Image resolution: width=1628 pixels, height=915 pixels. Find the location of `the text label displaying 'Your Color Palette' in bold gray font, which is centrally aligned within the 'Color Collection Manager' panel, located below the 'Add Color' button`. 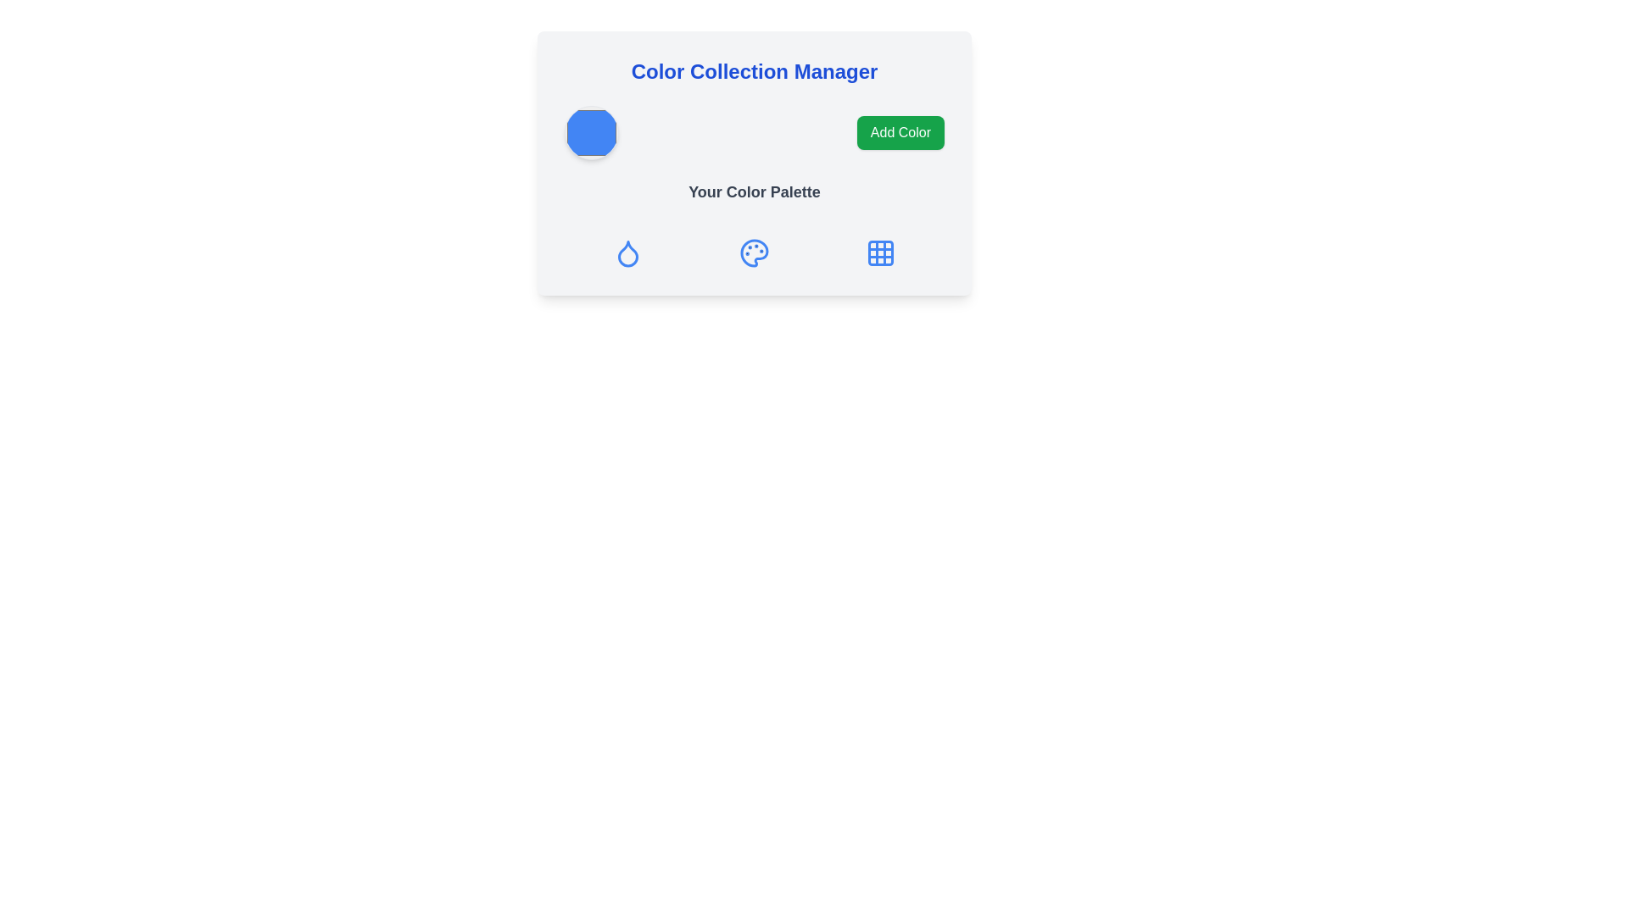

the text label displaying 'Your Color Palette' in bold gray font, which is centrally aligned within the 'Color Collection Manager' panel, located below the 'Add Color' button is located at coordinates (753, 198).